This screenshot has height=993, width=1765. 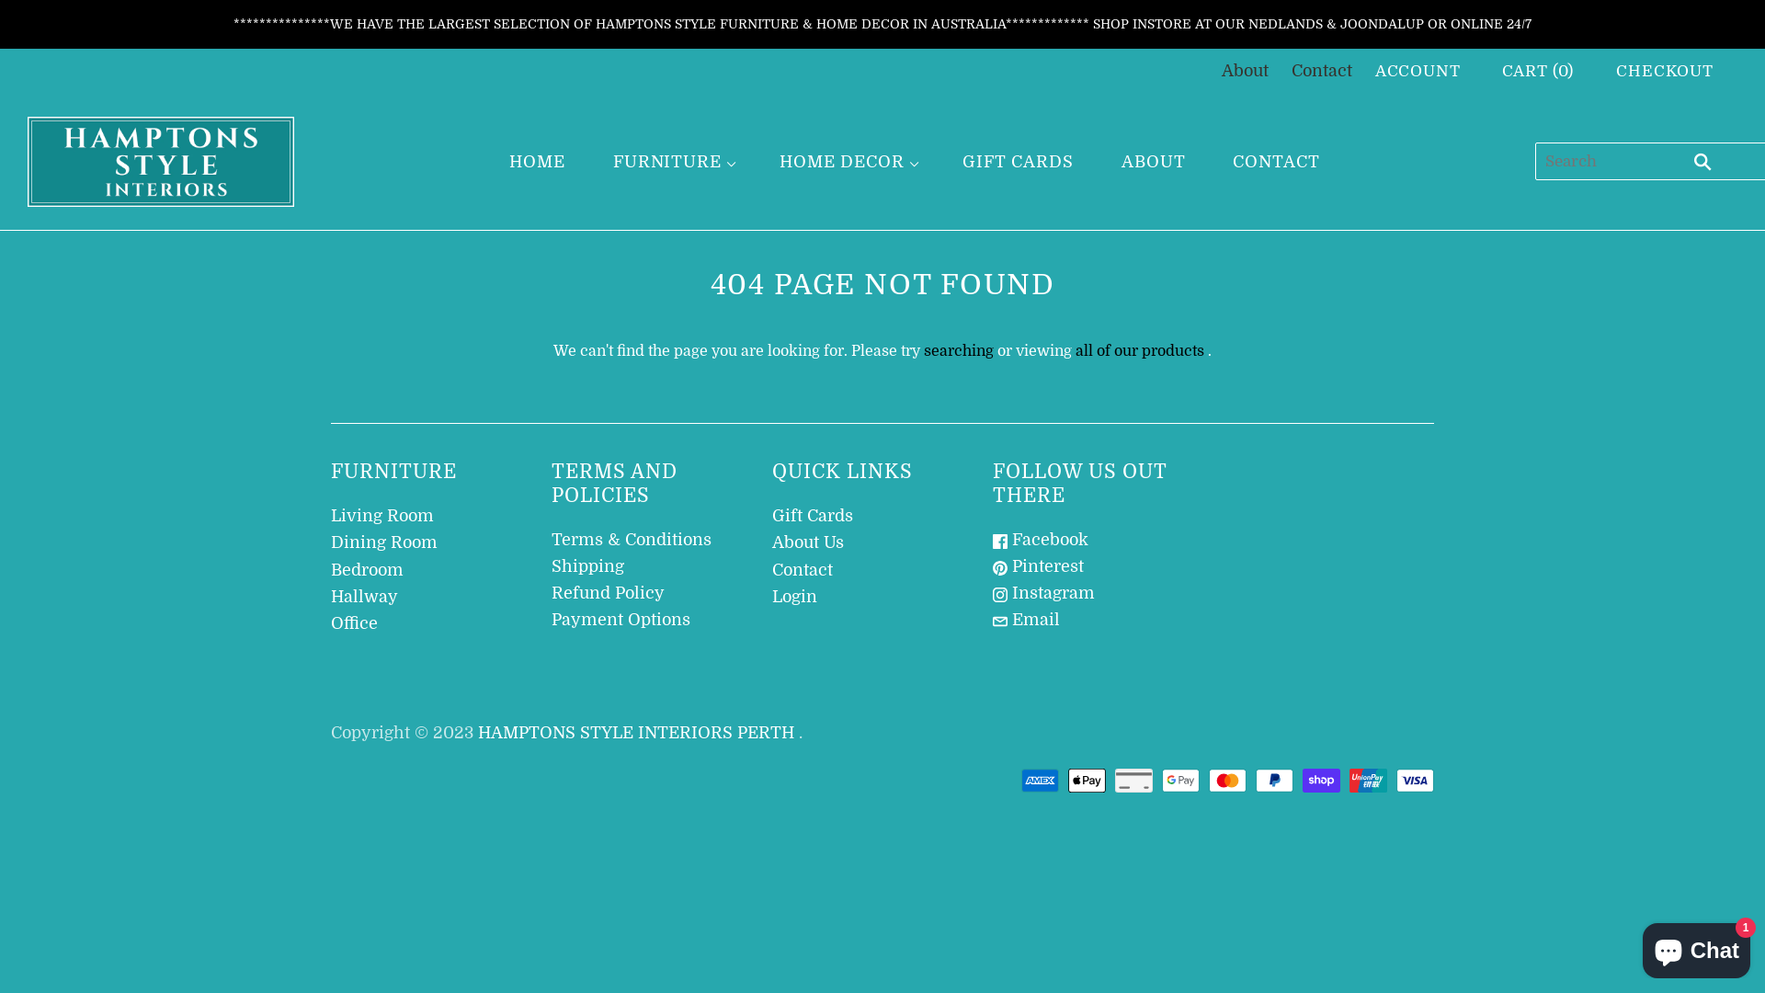 What do you see at coordinates (1138, 350) in the screenshot?
I see `'all of our products'` at bounding box center [1138, 350].